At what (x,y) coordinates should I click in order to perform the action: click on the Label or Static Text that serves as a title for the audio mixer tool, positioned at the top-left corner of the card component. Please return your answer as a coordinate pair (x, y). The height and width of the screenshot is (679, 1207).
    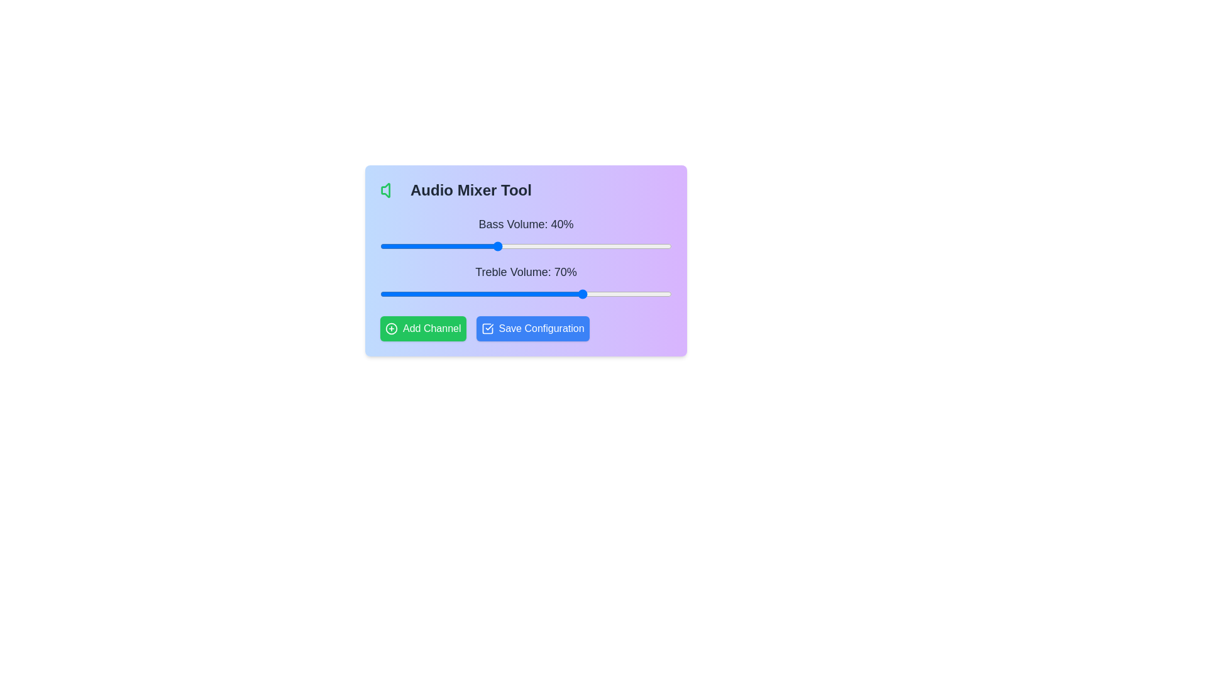
    Looking at the image, I should click on (526, 190).